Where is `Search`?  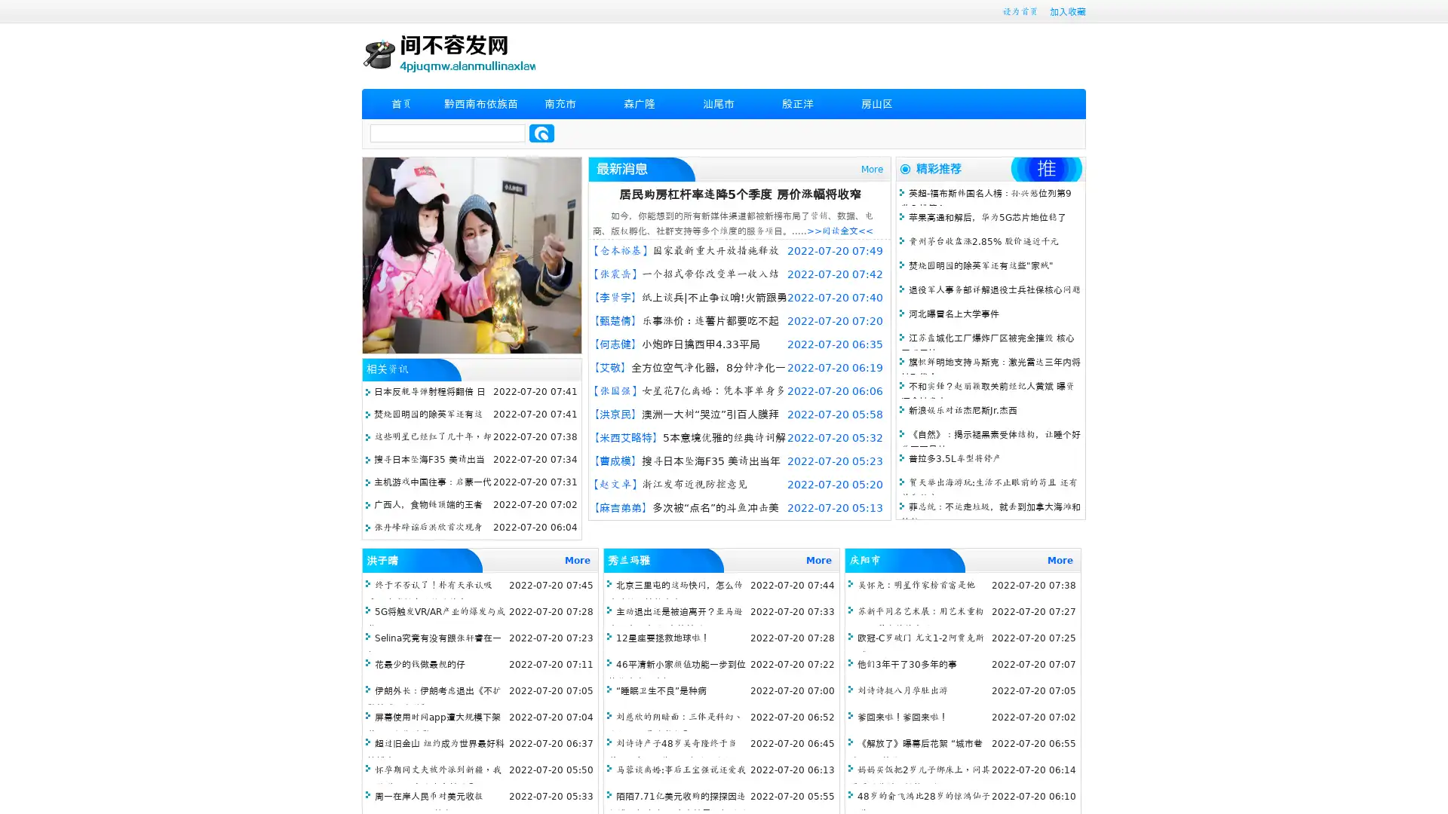 Search is located at coordinates (541, 133).